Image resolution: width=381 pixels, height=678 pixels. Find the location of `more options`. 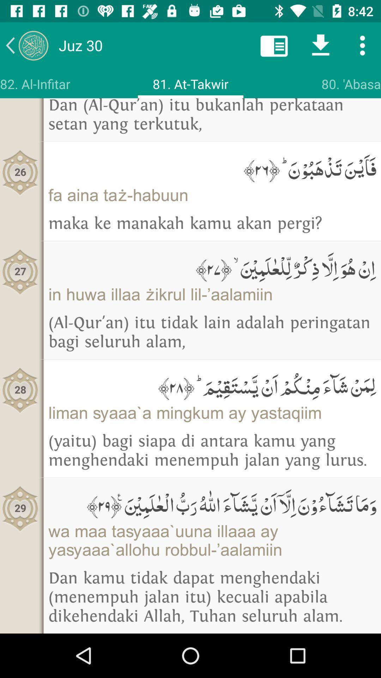

more options is located at coordinates (362, 45).